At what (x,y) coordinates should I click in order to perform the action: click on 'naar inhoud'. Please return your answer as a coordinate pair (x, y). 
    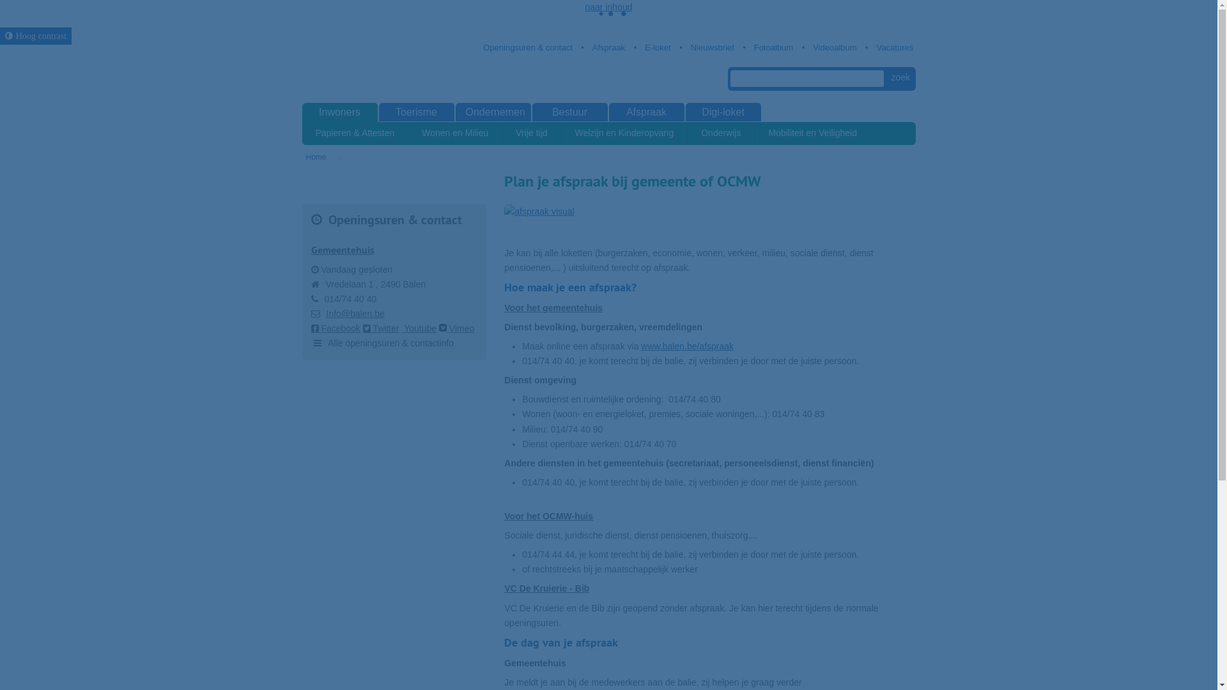
    Looking at the image, I should click on (608, 7).